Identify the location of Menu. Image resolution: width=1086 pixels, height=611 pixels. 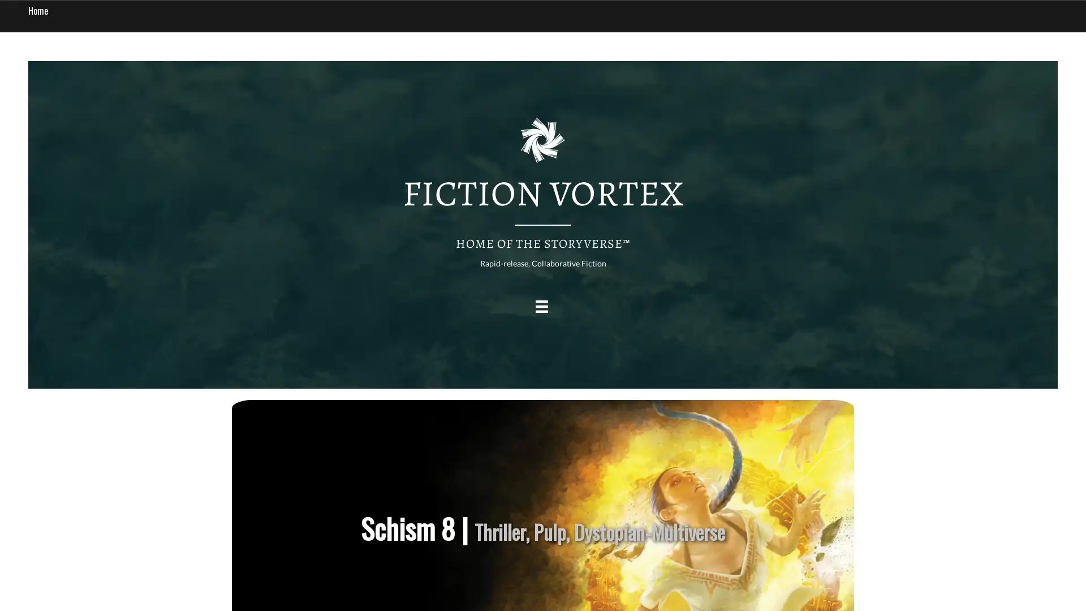
(541, 306).